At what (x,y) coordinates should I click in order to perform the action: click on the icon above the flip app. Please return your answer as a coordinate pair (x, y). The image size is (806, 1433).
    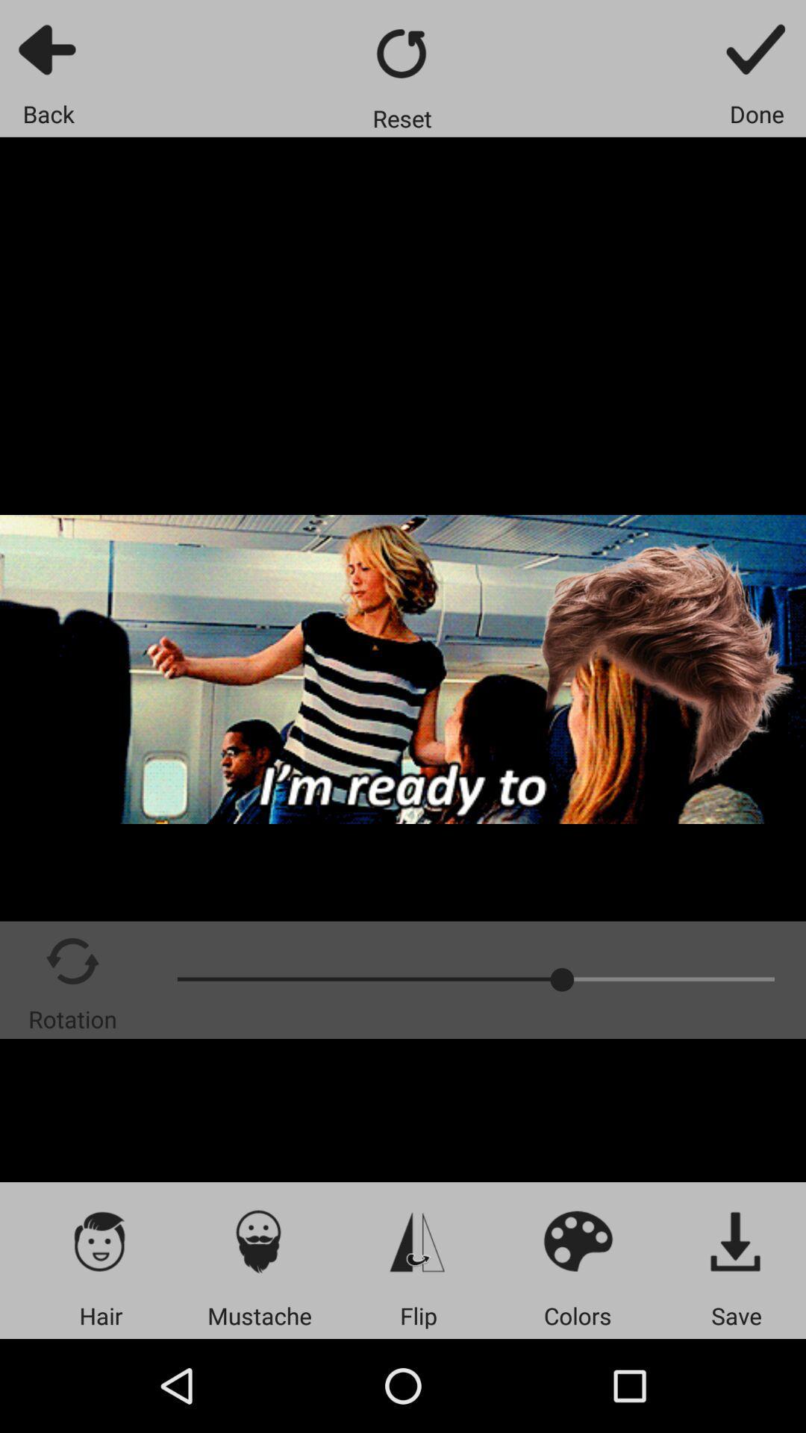
    Looking at the image, I should click on (418, 1240).